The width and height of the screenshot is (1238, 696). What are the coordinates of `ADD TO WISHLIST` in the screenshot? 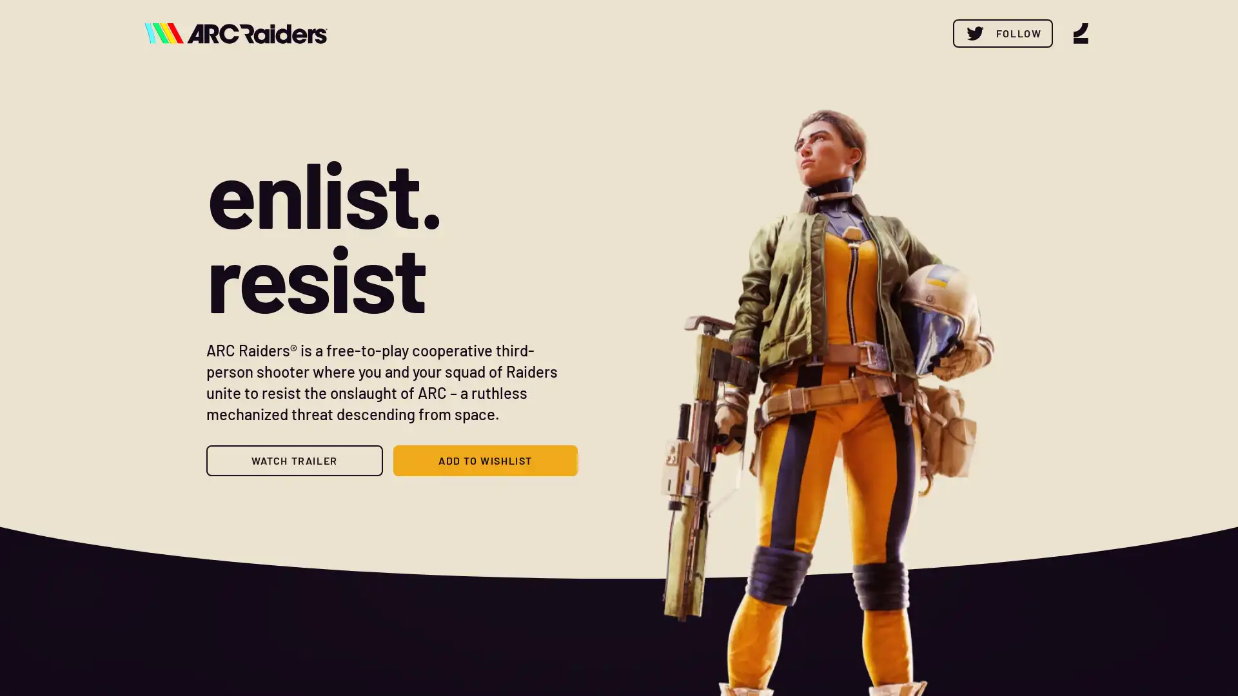 It's located at (484, 459).